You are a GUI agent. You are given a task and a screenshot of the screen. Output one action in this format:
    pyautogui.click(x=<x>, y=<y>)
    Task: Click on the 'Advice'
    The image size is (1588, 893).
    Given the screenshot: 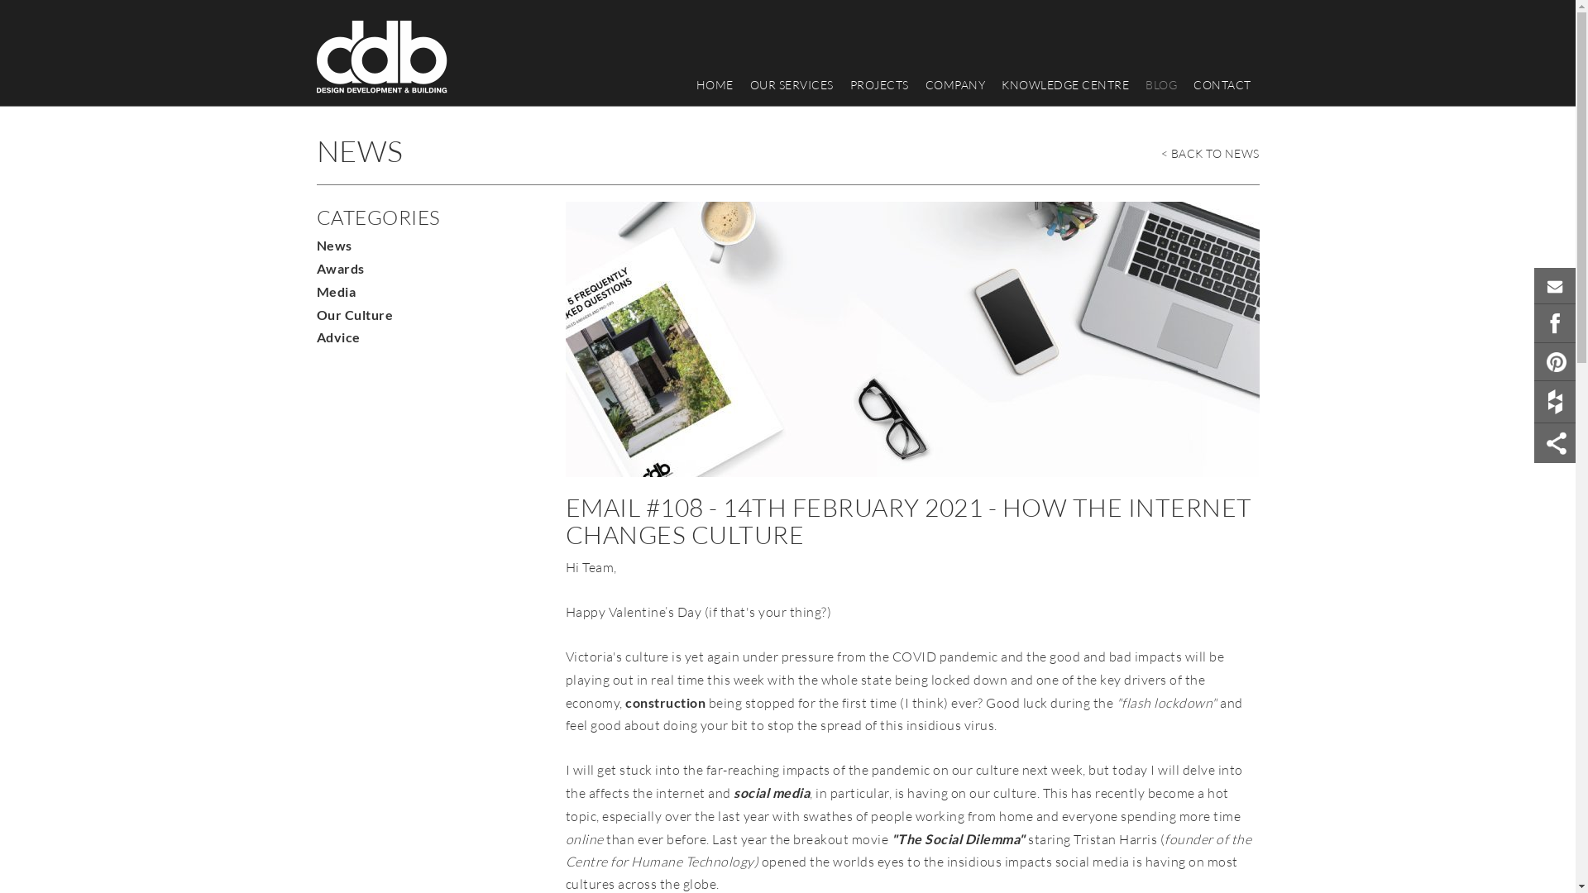 What is the action you would take?
    pyautogui.click(x=337, y=336)
    